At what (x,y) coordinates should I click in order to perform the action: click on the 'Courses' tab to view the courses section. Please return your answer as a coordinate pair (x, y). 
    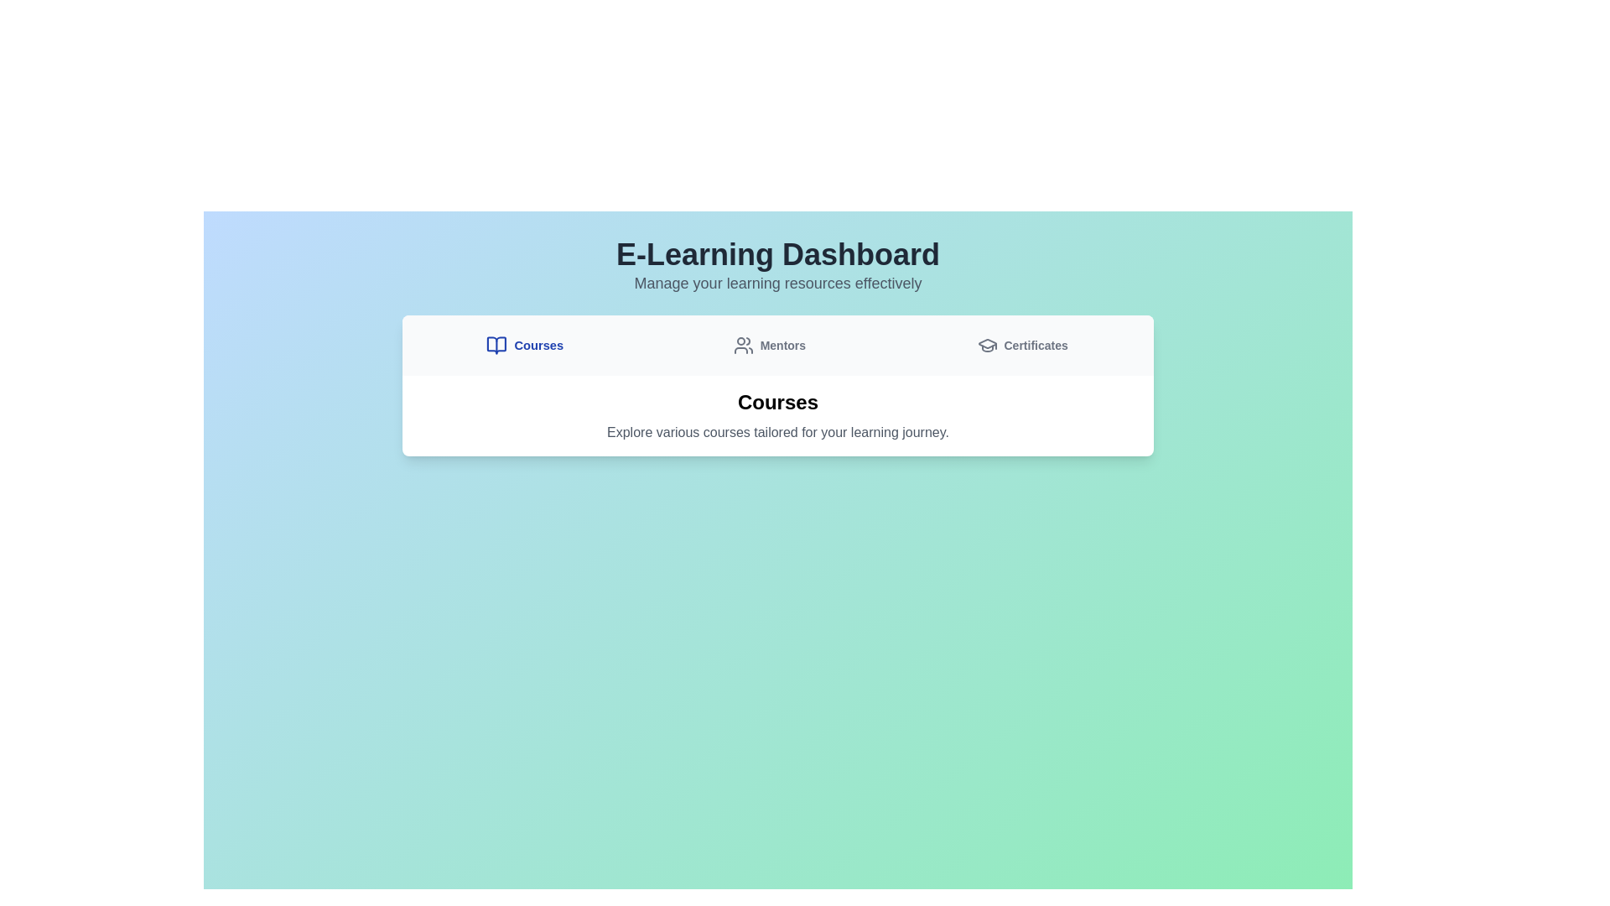
    Looking at the image, I should click on (524, 345).